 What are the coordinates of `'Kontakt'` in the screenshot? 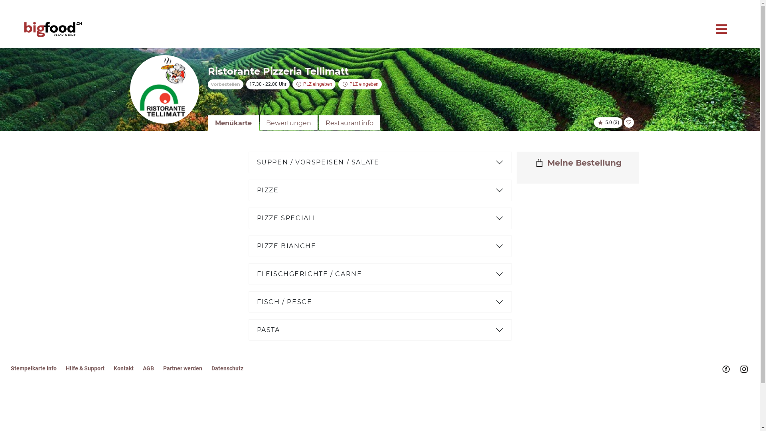 It's located at (128, 368).